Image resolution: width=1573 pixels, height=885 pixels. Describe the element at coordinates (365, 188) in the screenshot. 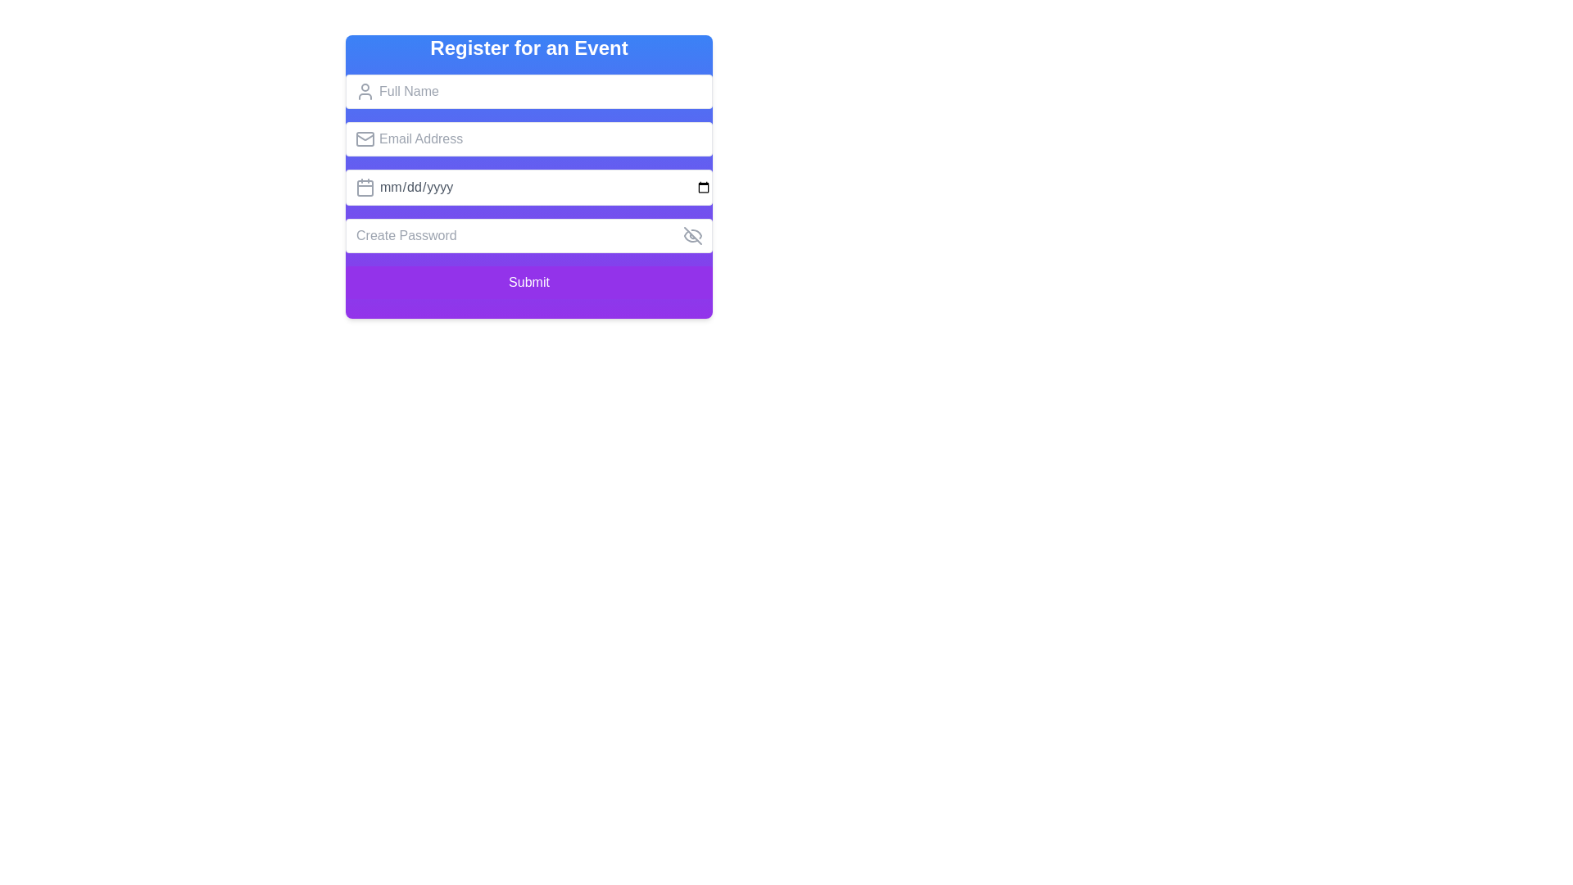

I see `SVG rectangle that represents the calendar icon located to the left of the 'mm/dd/yyyy' input field in the form` at that location.